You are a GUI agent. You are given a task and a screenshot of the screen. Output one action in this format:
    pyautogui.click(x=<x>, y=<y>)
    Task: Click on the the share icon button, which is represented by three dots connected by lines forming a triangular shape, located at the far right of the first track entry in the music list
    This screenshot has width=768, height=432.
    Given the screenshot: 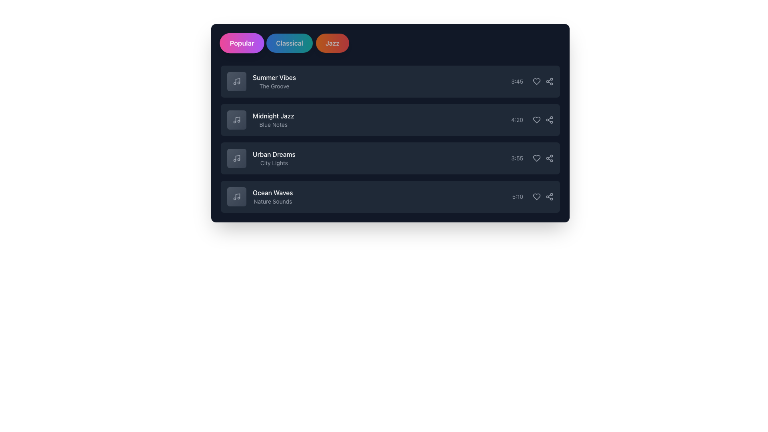 What is the action you would take?
    pyautogui.click(x=549, y=82)
    